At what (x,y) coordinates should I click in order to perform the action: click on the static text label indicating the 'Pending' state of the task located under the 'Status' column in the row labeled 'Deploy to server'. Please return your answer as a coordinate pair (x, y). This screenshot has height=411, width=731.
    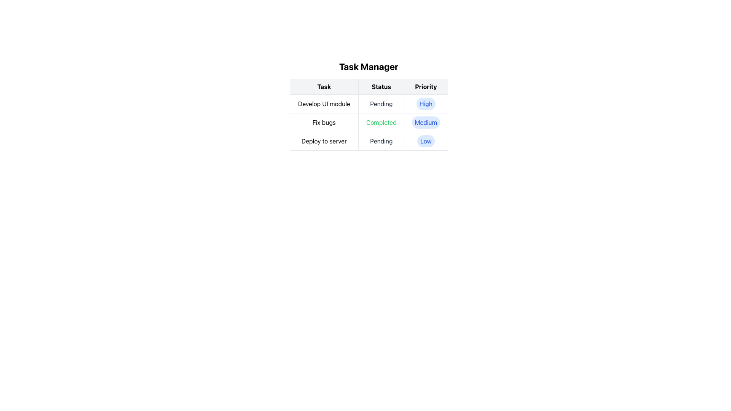
    Looking at the image, I should click on (381, 141).